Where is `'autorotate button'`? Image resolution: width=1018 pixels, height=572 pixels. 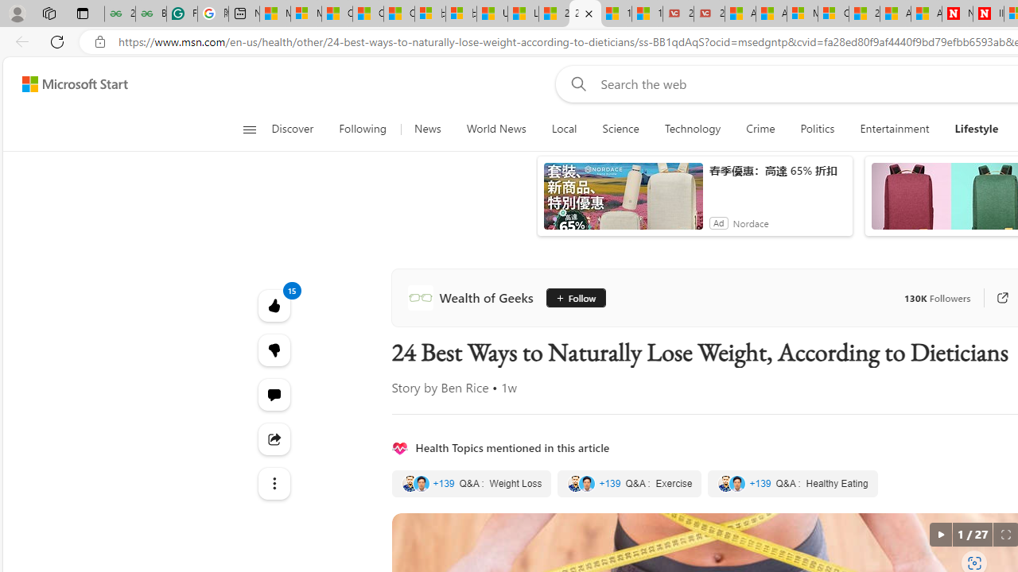 'autorotate button' is located at coordinates (940, 535).